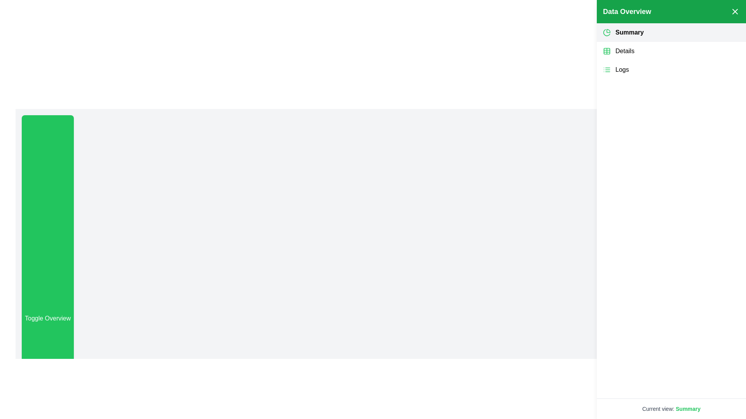  What do you see at coordinates (627, 12) in the screenshot?
I see `the static label that displays the title 'Data Overview' located in the green header bar at the top-right corner of the interface` at bounding box center [627, 12].